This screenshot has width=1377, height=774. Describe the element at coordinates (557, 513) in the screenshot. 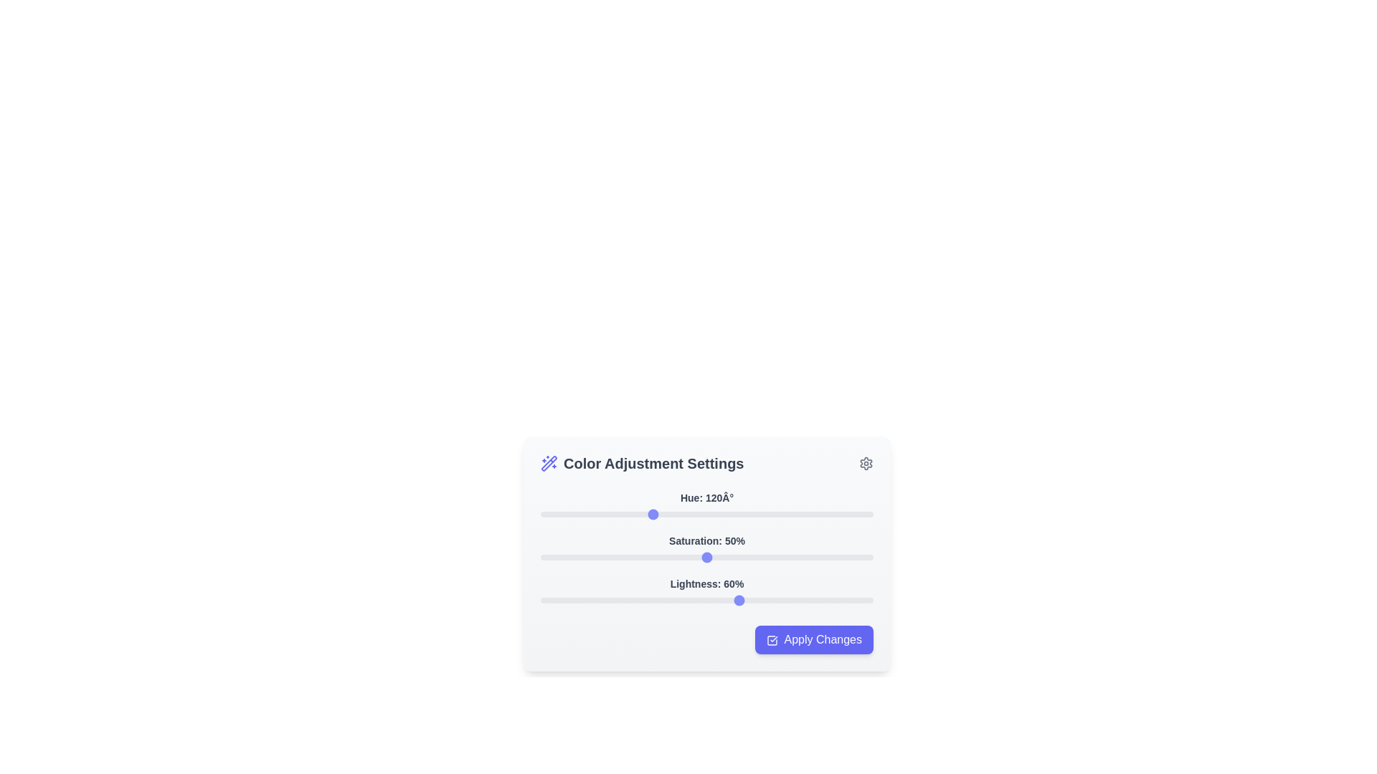

I see `hue` at that location.